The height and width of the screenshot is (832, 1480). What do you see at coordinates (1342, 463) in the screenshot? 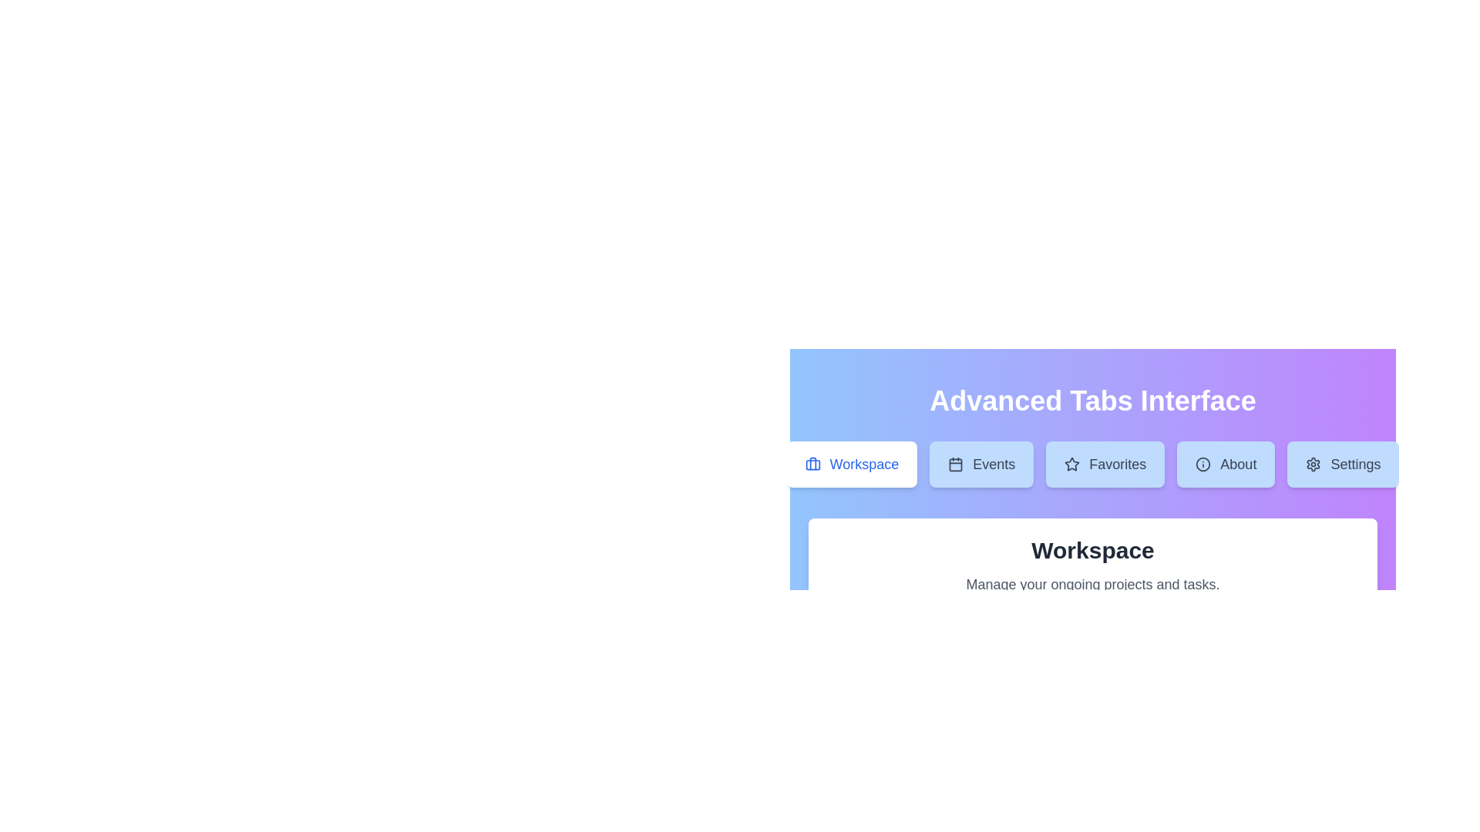
I see `the 'Settings' button with a light blue background and rounded corners` at bounding box center [1342, 463].